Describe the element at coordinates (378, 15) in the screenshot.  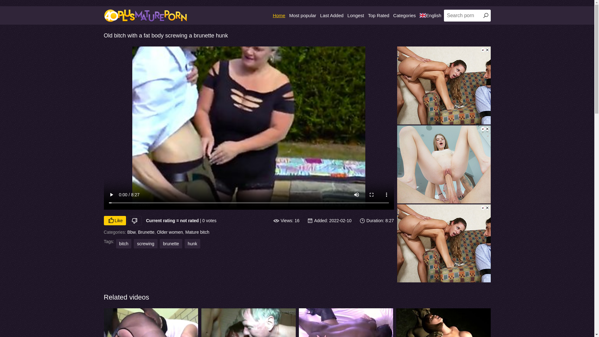
I see `'Top Rated'` at that location.